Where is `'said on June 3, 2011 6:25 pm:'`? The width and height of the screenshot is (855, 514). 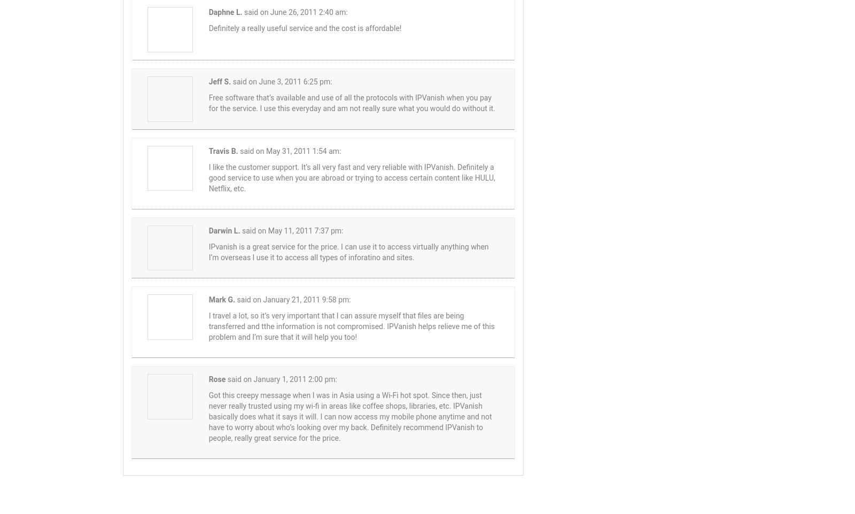
'said on June 3, 2011 6:25 pm:' is located at coordinates (282, 81).